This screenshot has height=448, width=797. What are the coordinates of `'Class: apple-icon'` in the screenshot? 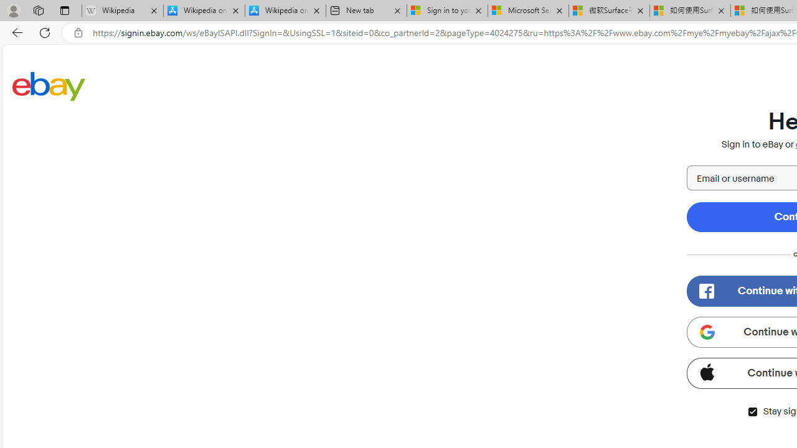 It's located at (707, 371).